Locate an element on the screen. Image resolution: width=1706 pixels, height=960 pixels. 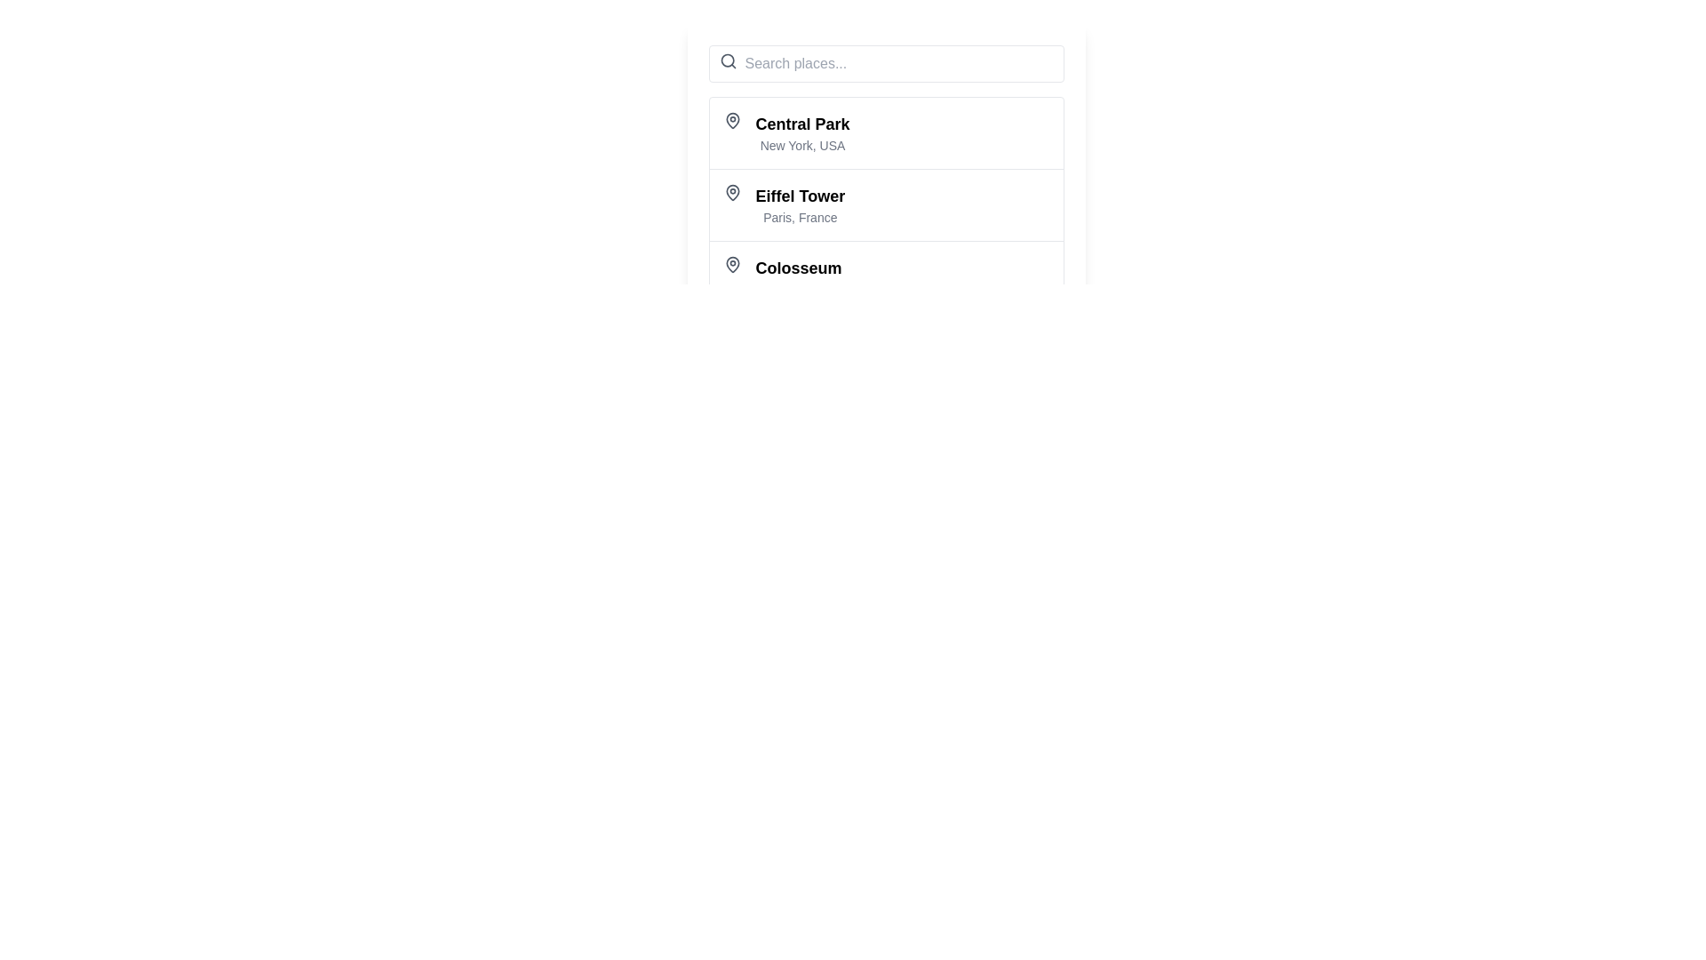
the descriptive text label located directly under the 'Eiffel Tower' title, which provides additional information about the city and country is located at coordinates (799, 217).